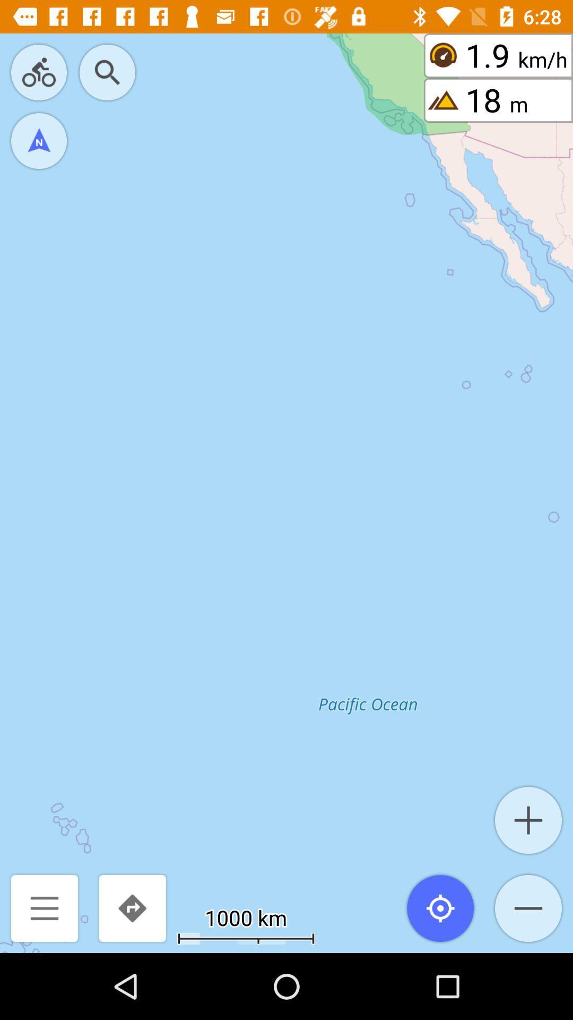 The height and width of the screenshot is (1020, 573). What do you see at coordinates (528, 820) in the screenshot?
I see `the add icon` at bounding box center [528, 820].